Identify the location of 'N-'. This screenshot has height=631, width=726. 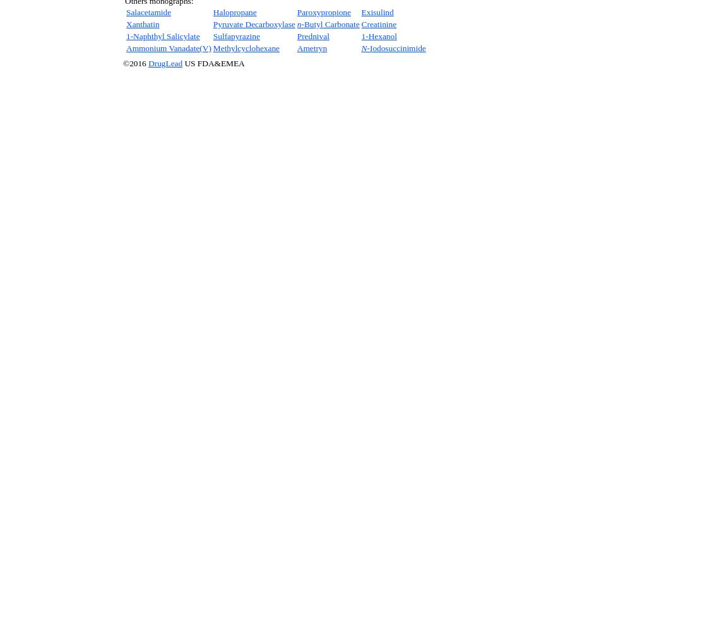
(364, 47).